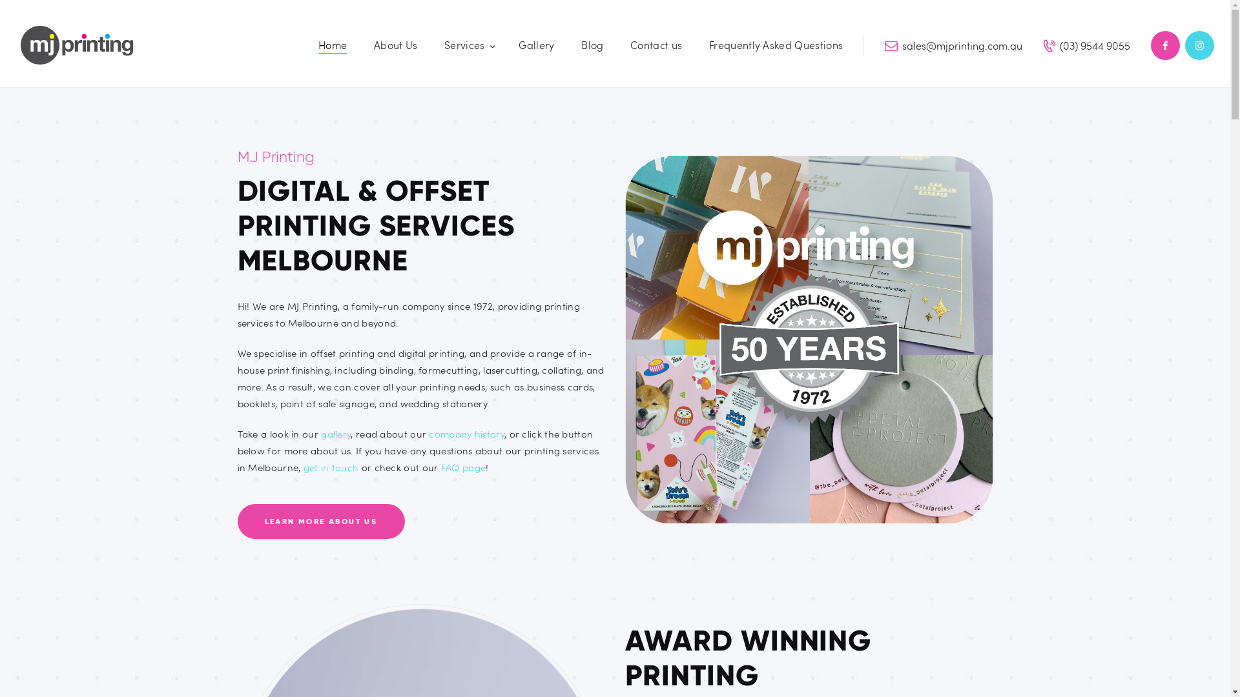 Image resolution: width=1240 pixels, height=697 pixels. Describe the element at coordinates (537, 45) in the screenshot. I see `'Gallery'` at that location.